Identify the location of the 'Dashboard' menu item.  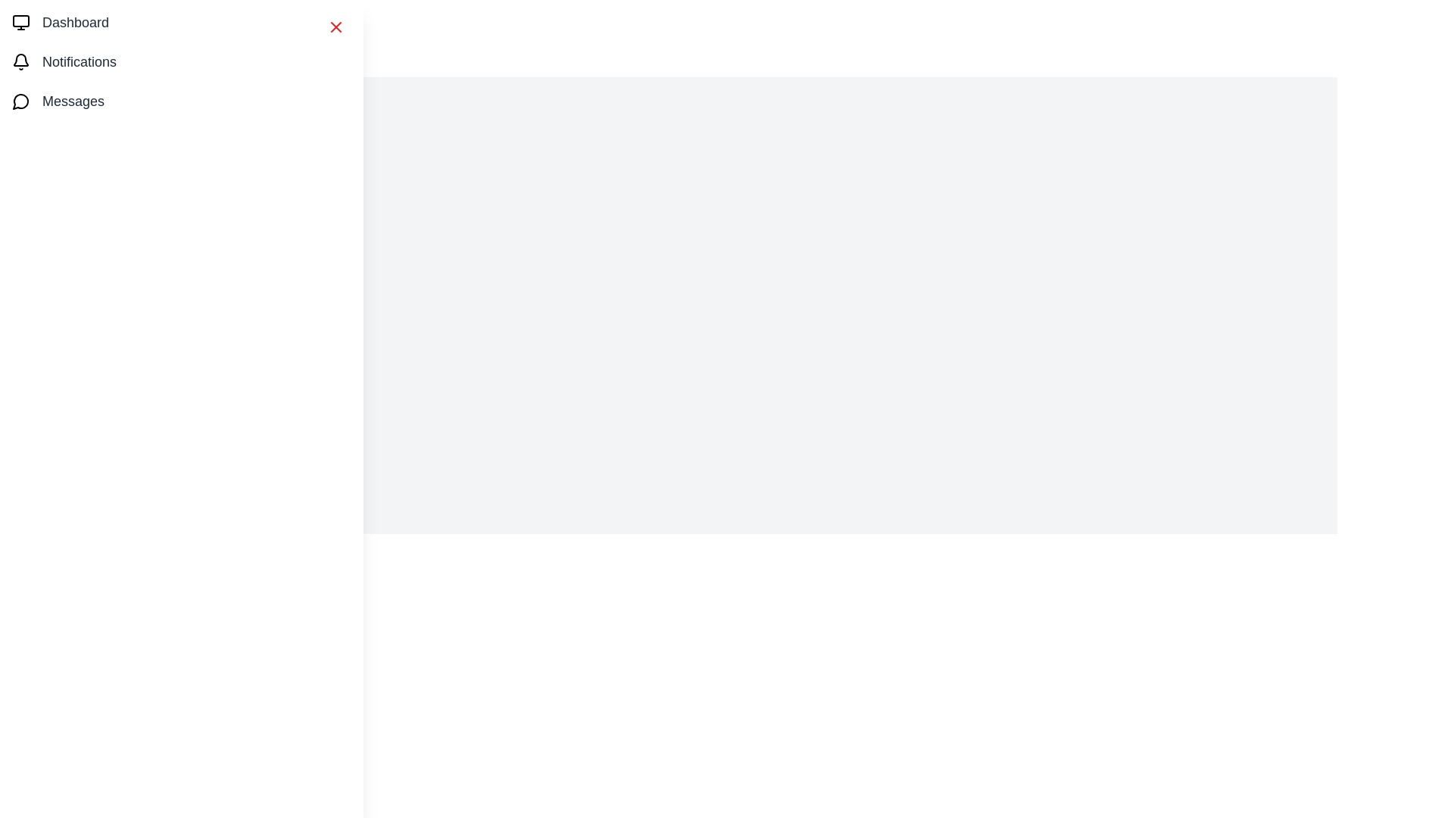
(75, 23).